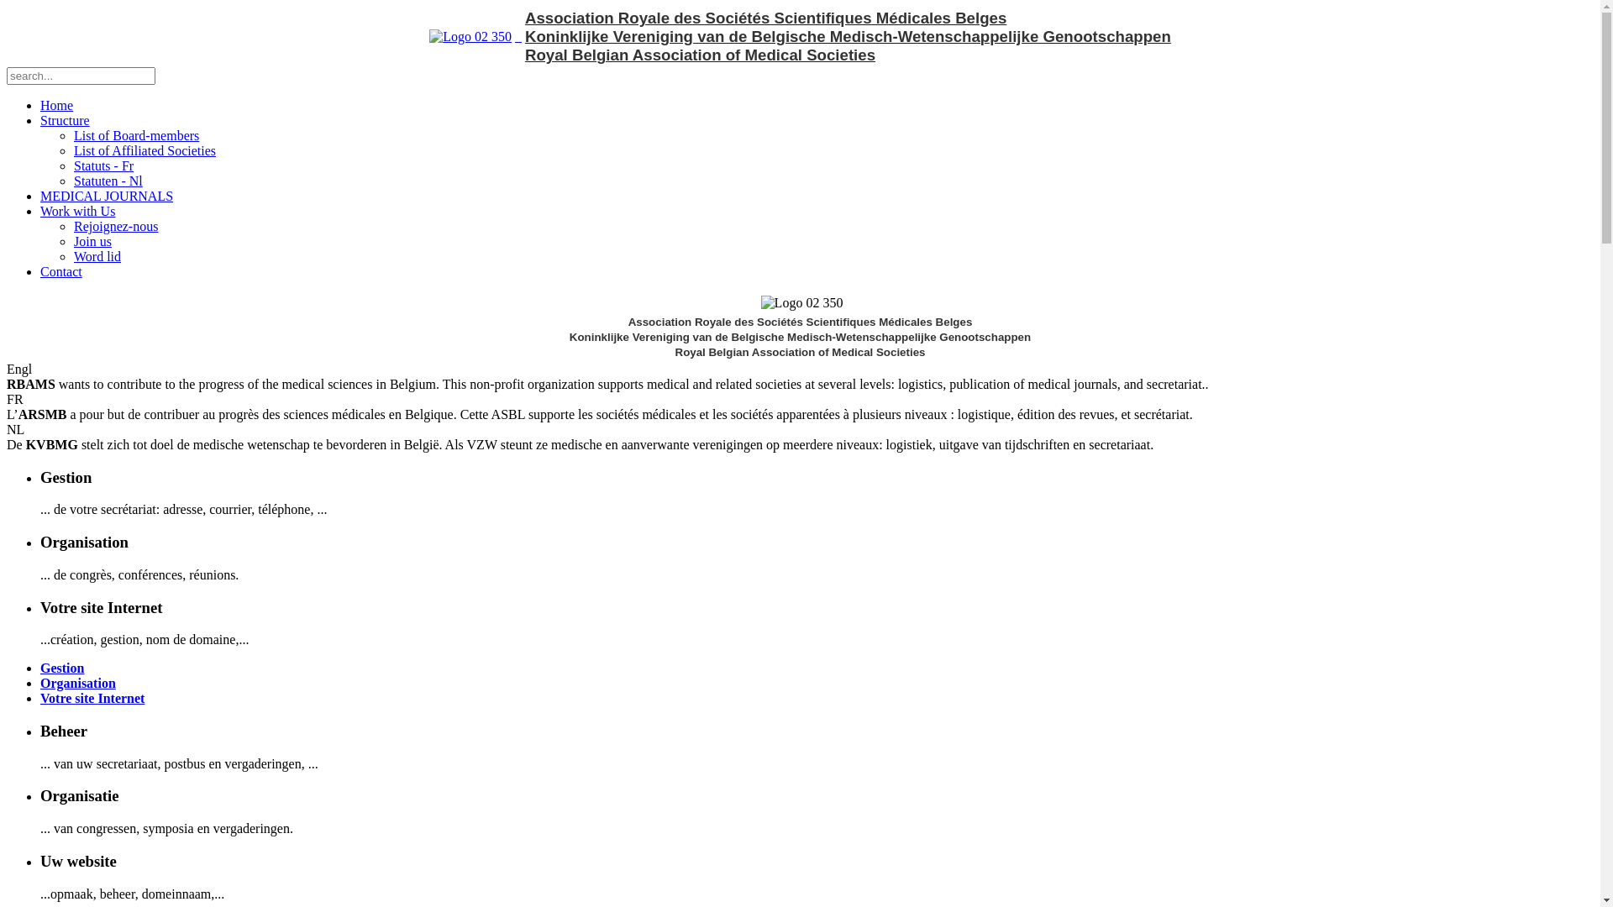 This screenshot has height=907, width=1613. I want to click on 'Home', so click(56, 105).